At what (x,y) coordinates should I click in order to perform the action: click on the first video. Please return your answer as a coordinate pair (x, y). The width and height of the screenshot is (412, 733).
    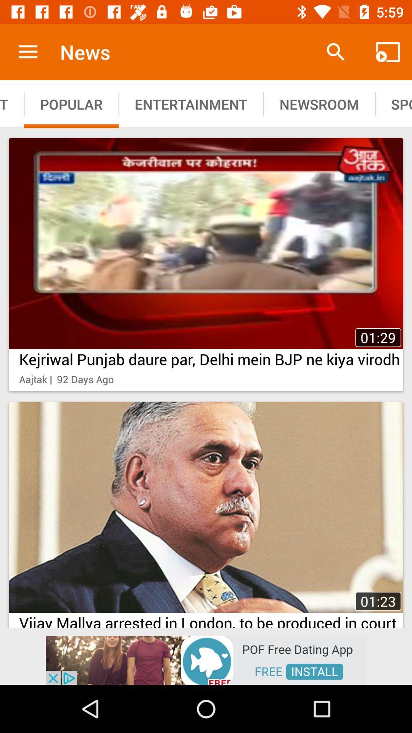
    Looking at the image, I should click on (206, 264).